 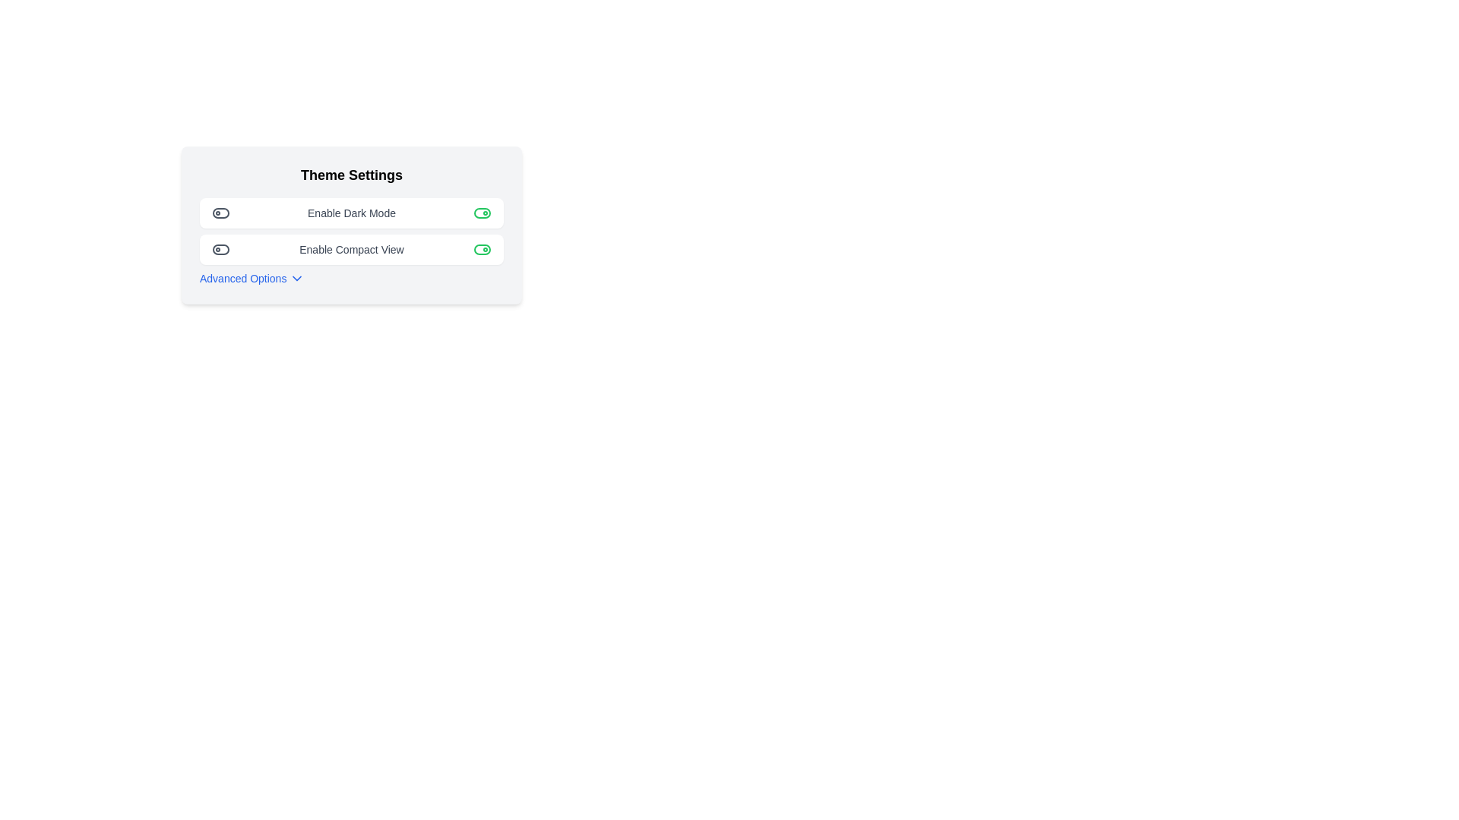 I want to click on the dark gray toggle switch located in the 'Theme Settings' section to the left of the label 'Enable Compact View', so click(x=220, y=248).